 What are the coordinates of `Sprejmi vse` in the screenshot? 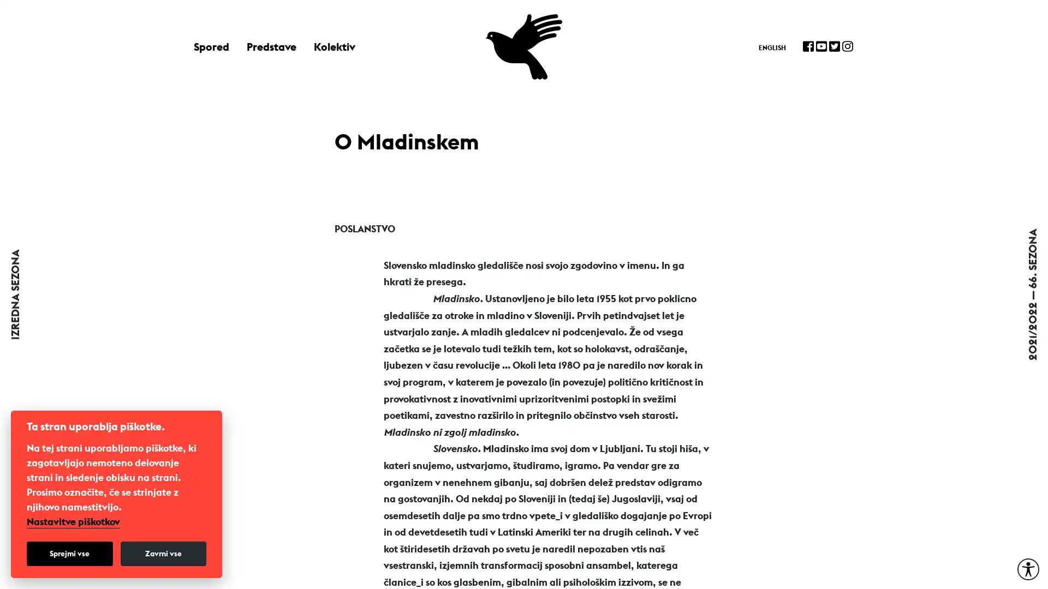 It's located at (68, 553).